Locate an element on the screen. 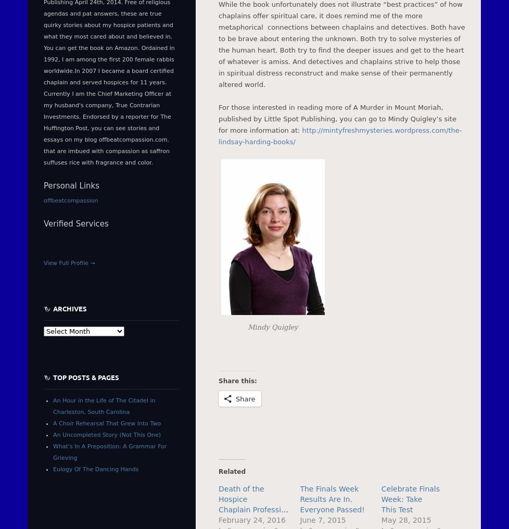 This screenshot has width=509, height=529. 'Mindy Quigley' is located at coordinates (247, 326).